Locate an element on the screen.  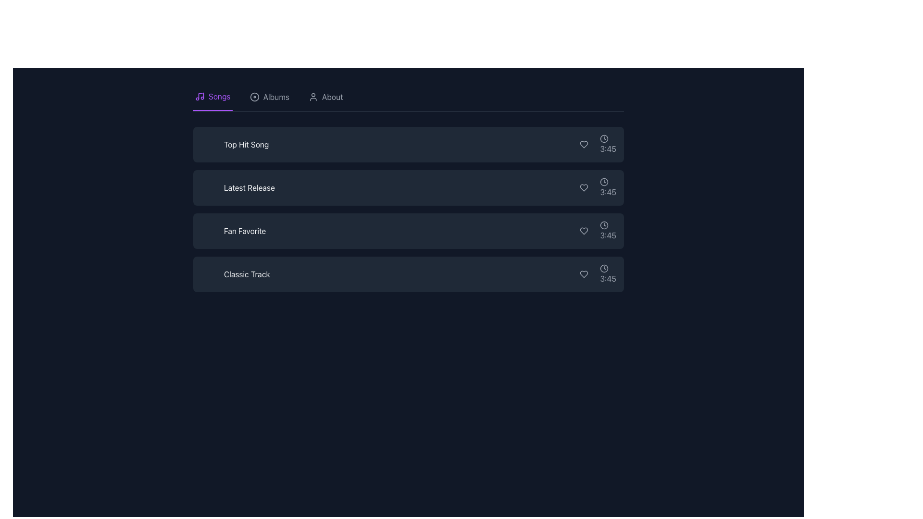
the circular icon with an outer ring and a smaller centered circle in the navigation menu associated with the 'Albums' category is located at coordinates (254, 97).